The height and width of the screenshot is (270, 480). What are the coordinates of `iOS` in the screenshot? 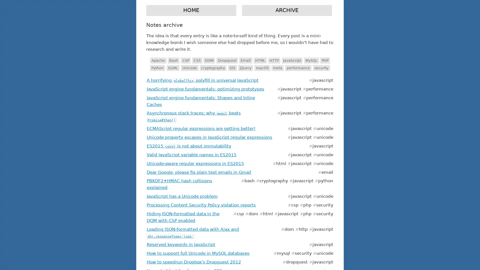 It's located at (232, 68).